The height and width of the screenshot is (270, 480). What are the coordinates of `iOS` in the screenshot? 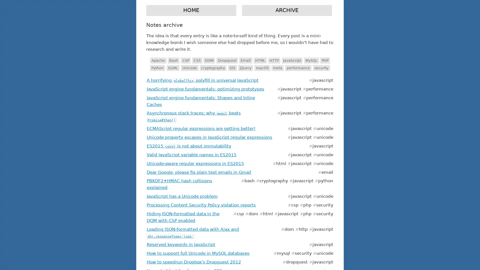 It's located at (232, 68).